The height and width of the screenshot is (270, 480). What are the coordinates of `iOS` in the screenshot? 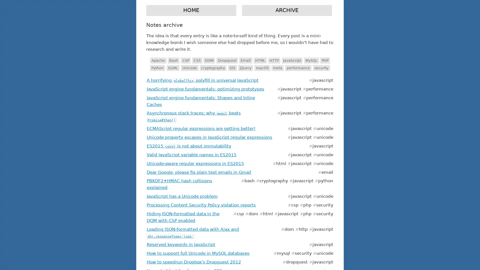 It's located at (232, 68).